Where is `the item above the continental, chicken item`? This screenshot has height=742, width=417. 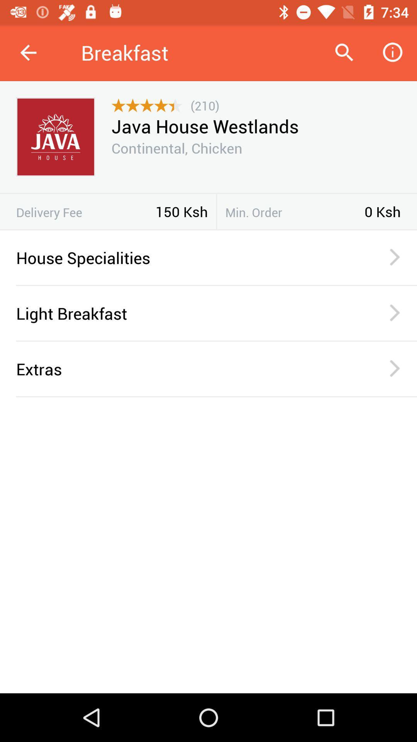
the item above the continental, chicken item is located at coordinates (205, 126).